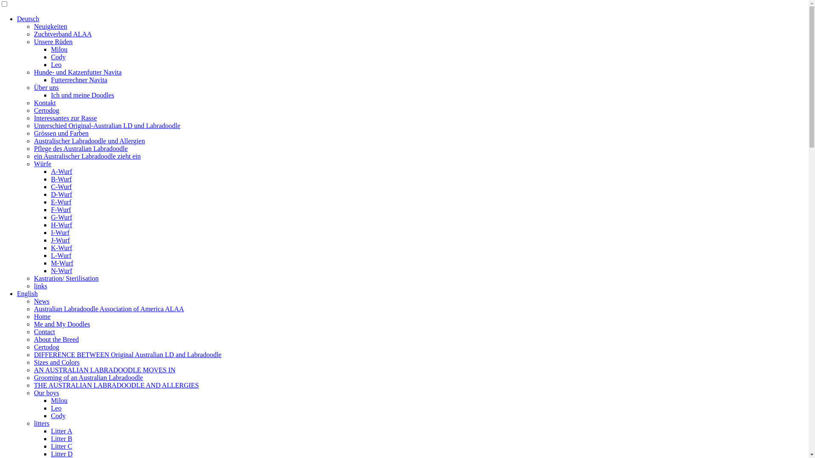  I want to click on 'E-Wurf', so click(61, 202).